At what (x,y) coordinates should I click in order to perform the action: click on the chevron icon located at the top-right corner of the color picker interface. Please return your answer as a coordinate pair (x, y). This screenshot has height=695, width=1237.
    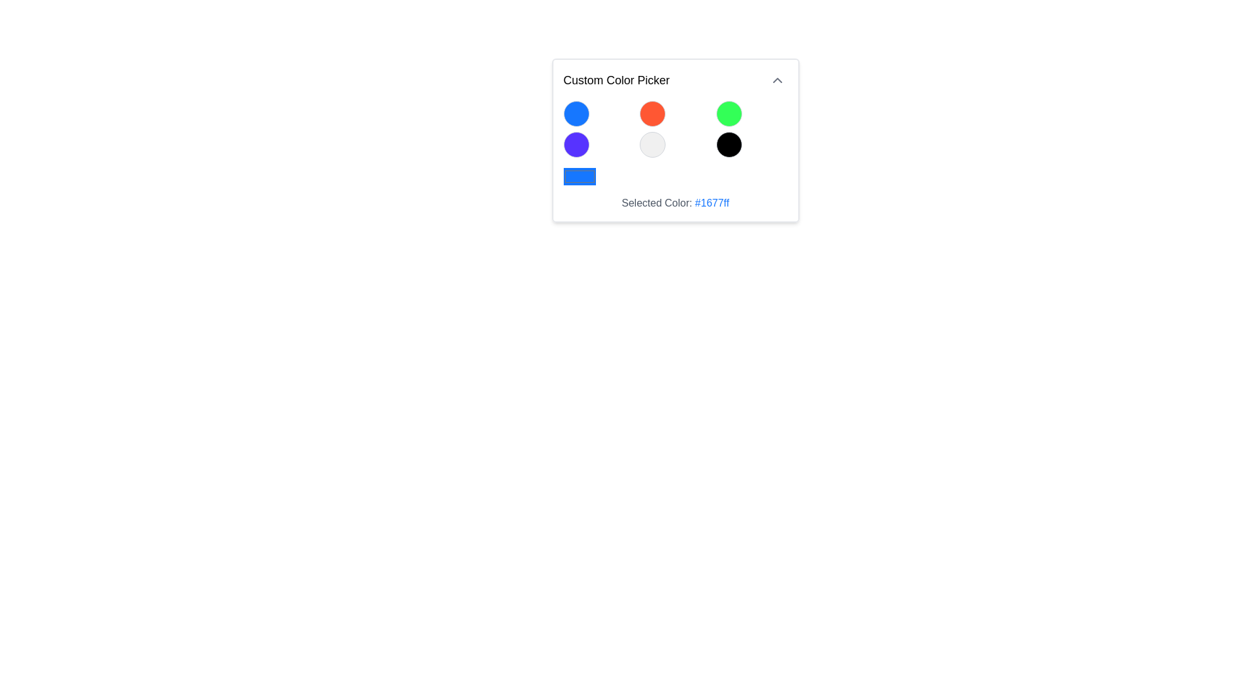
    Looking at the image, I should click on (776, 80).